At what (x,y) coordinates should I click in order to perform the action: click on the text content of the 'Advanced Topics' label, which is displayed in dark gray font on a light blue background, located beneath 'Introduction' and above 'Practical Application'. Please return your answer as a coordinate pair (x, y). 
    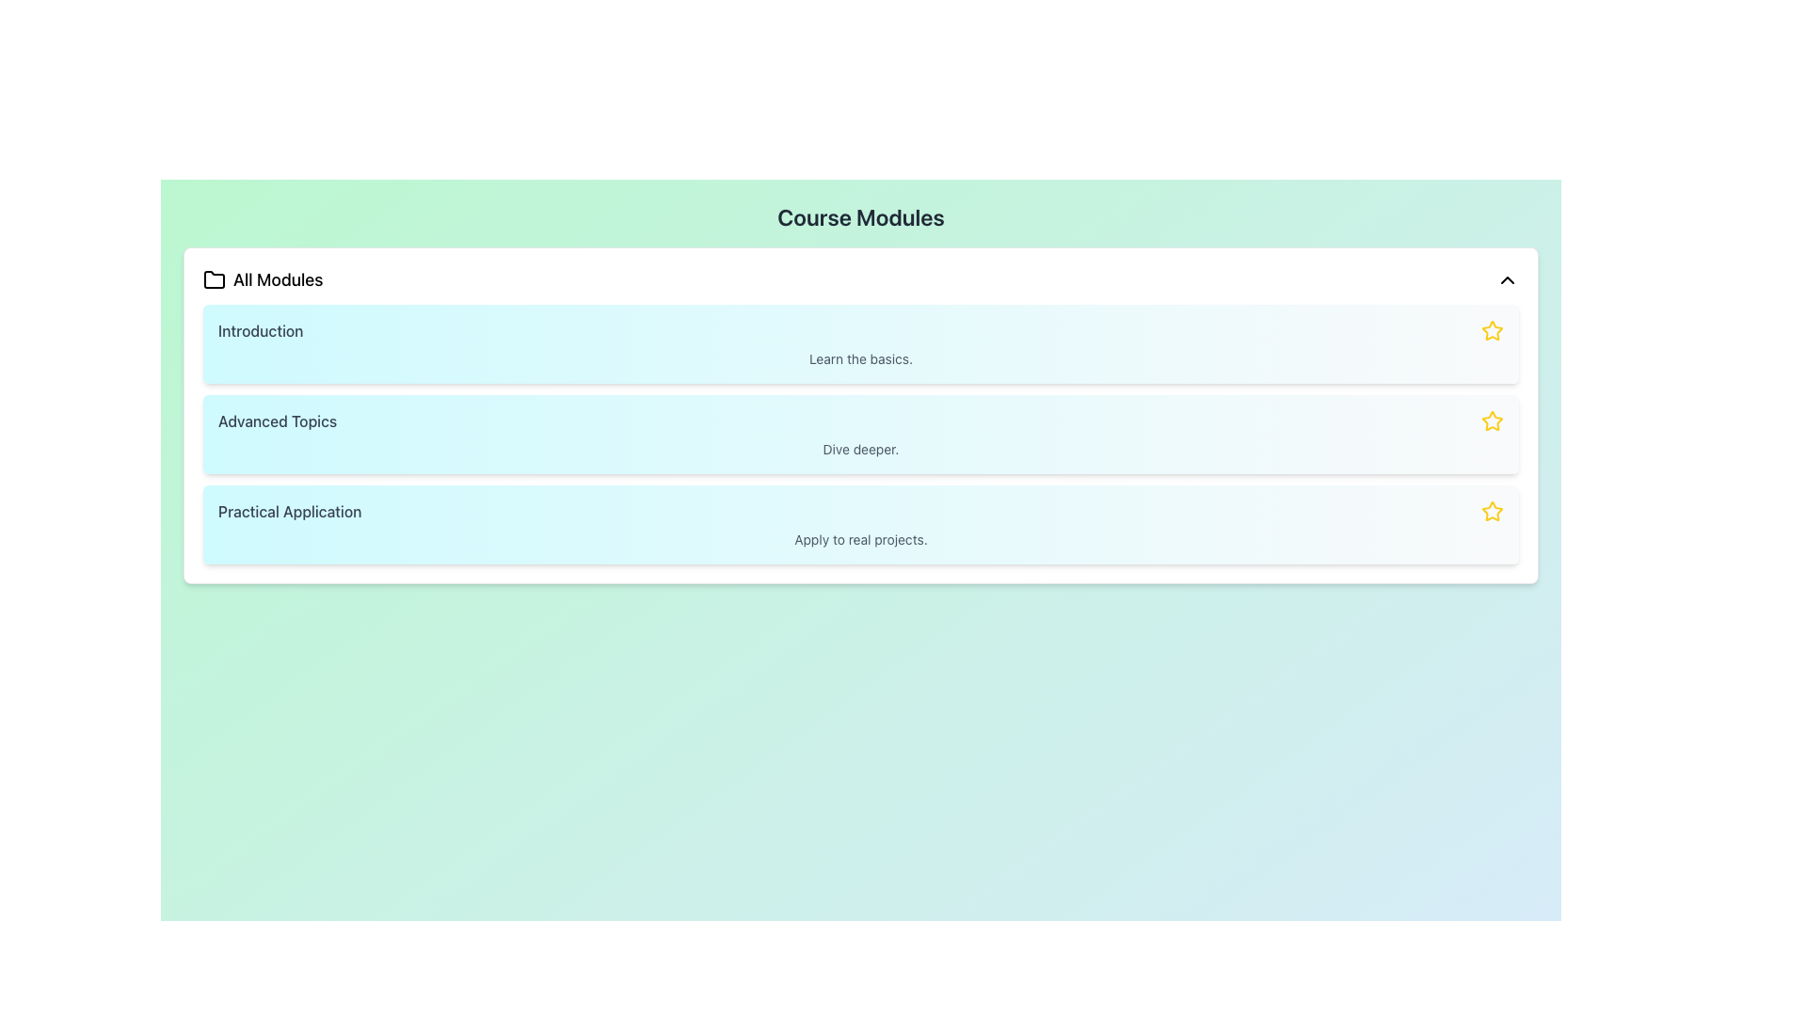
    Looking at the image, I should click on (277, 420).